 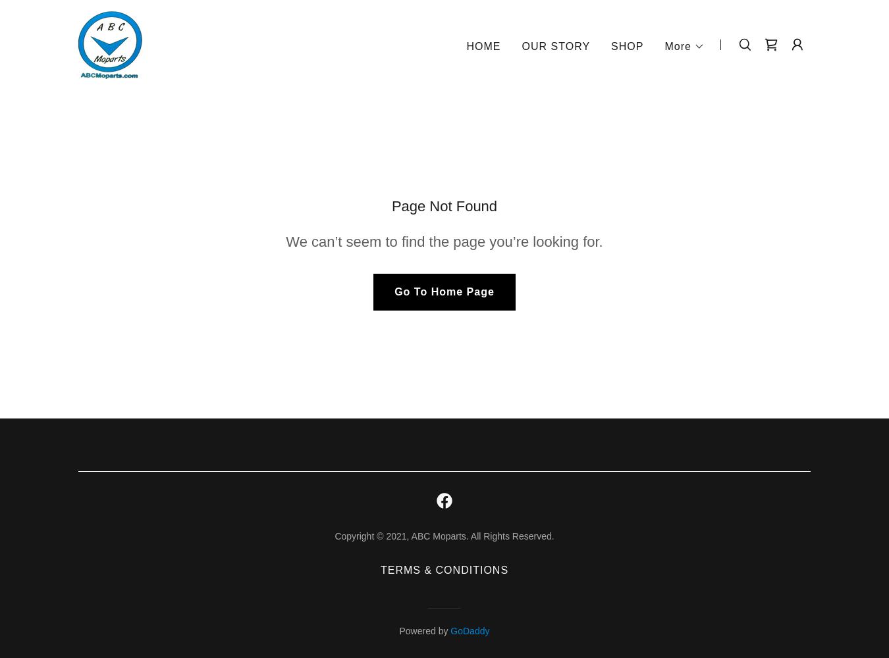 What do you see at coordinates (677, 45) in the screenshot?
I see `'More'` at bounding box center [677, 45].